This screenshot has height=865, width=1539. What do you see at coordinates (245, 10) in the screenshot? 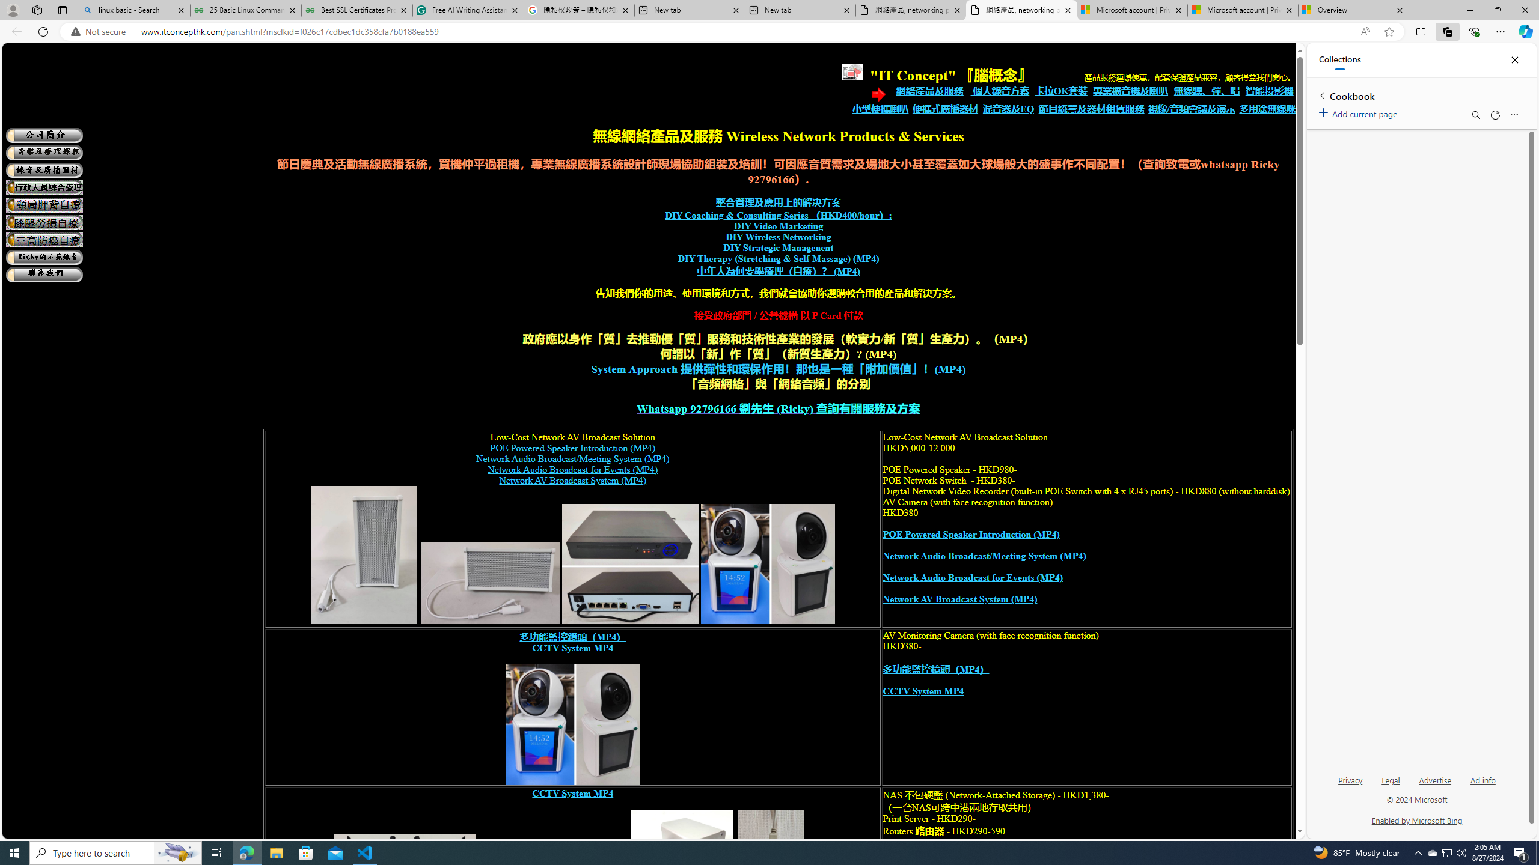
I see `'25 Basic Linux Commands For Beginners - GeeksforGeeks'` at bounding box center [245, 10].